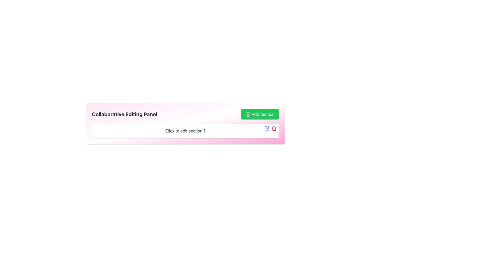 The image size is (498, 280). I want to click on the leftmost edit icon in the options row to observe its color change, so click(267, 128).